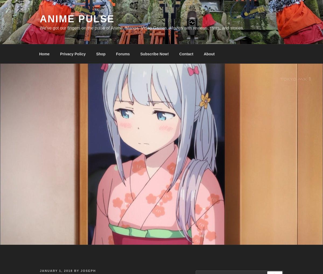 This screenshot has width=323, height=274. Describe the element at coordinates (76, 271) in the screenshot. I see `'by'` at that location.